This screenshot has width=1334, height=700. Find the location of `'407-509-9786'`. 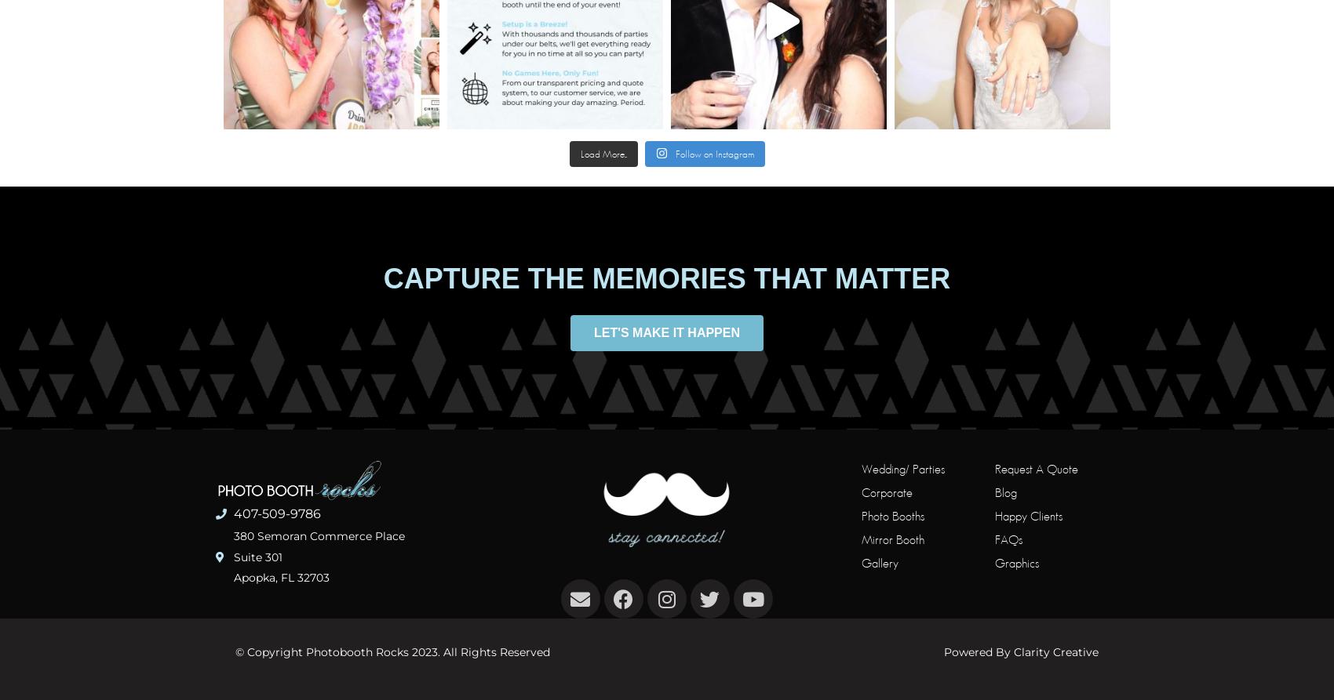

'407-509-9786' is located at coordinates (275, 513).